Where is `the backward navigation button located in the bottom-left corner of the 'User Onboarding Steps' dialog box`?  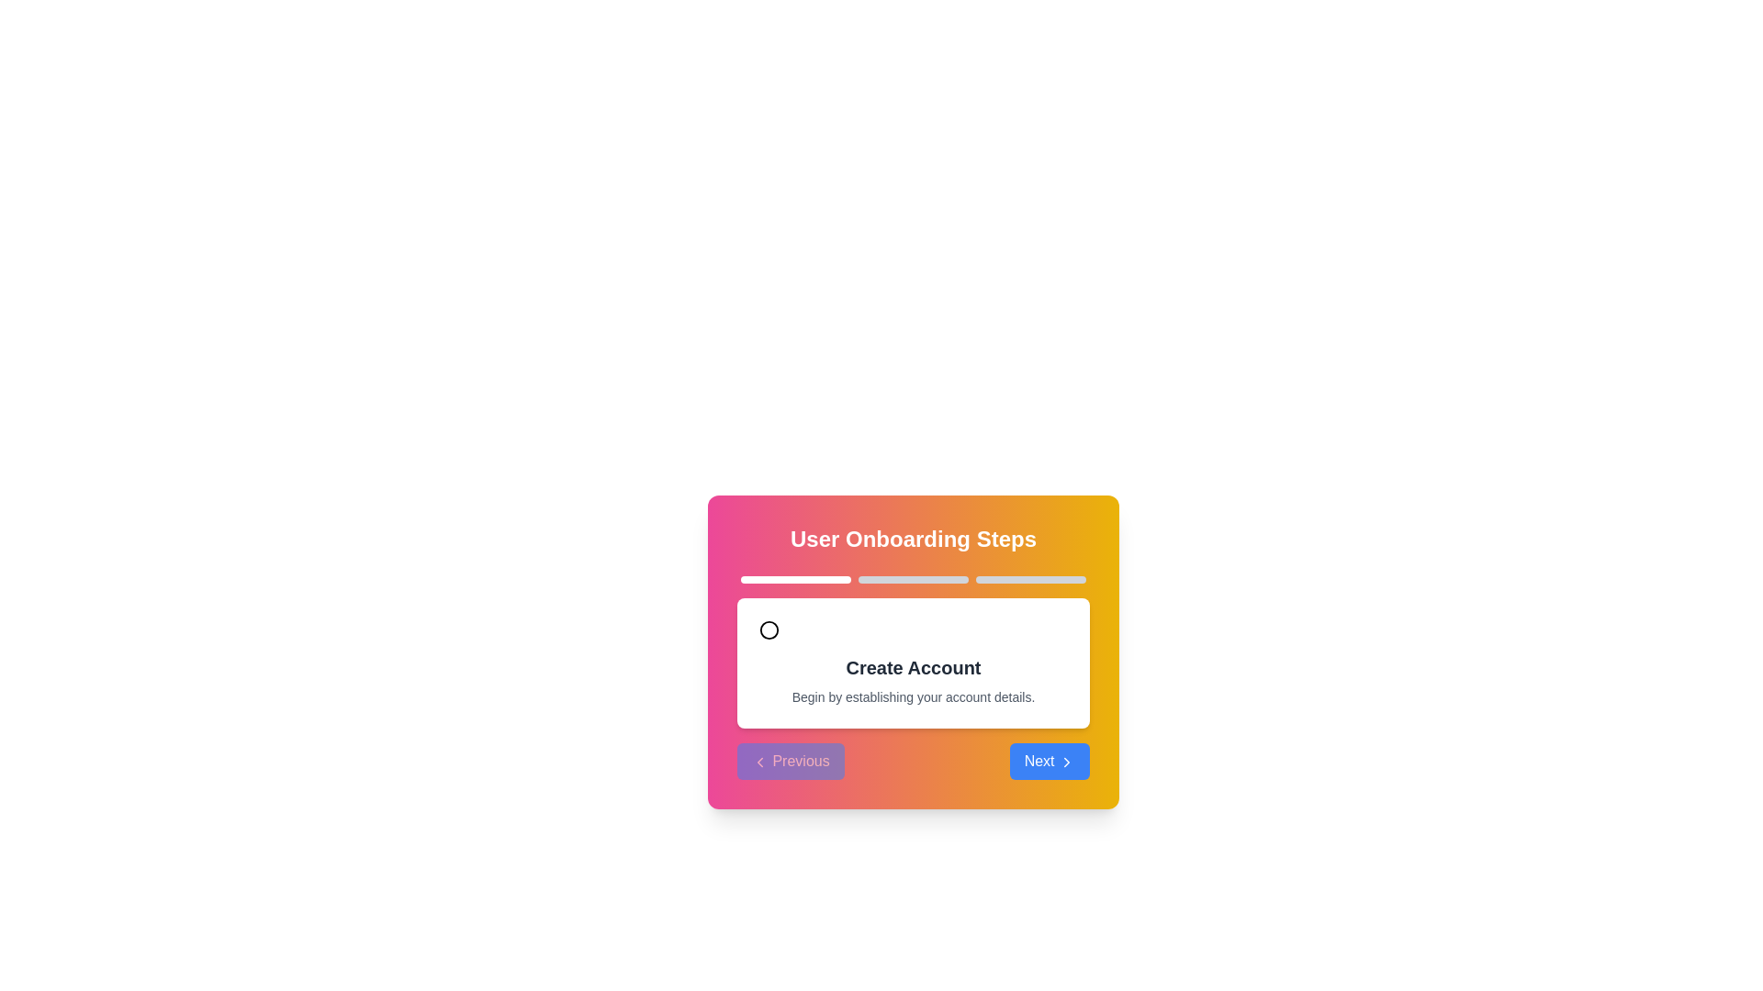
the backward navigation button located in the bottom-left corner of the 'User Onboarding Steps' dialog box is located at coordinates (791, 761).